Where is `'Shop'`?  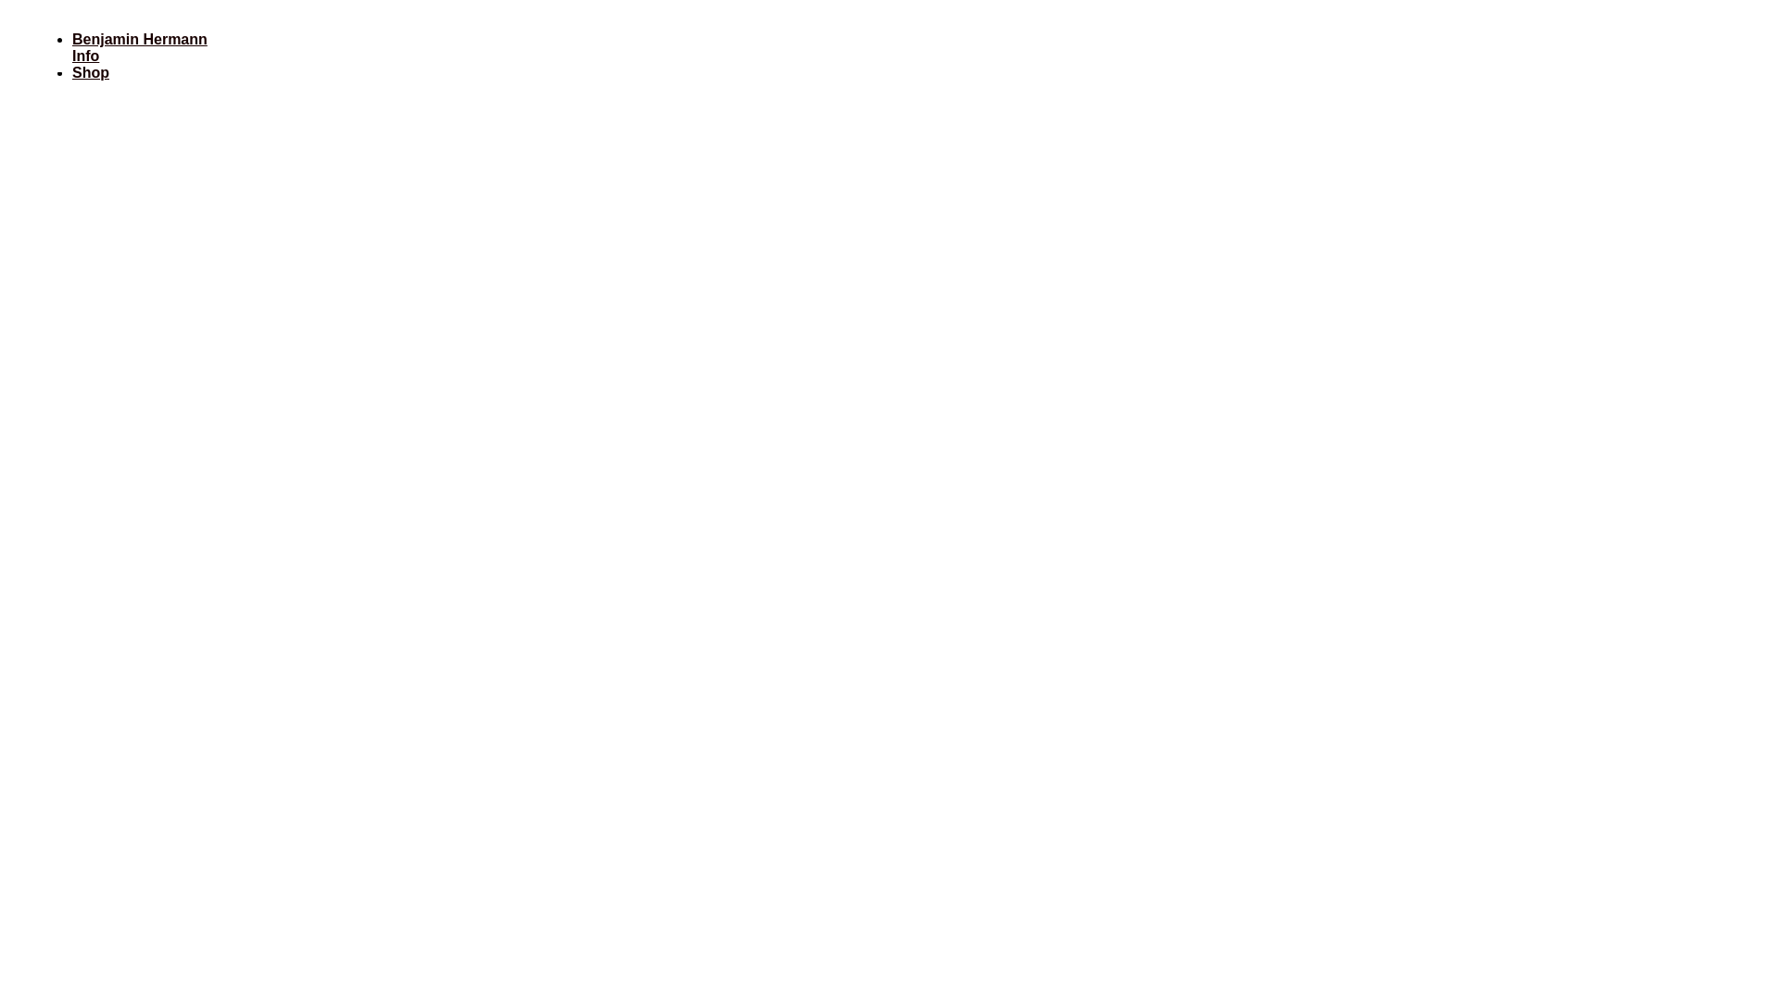
'Shop' is located at coordinates (89, 71).